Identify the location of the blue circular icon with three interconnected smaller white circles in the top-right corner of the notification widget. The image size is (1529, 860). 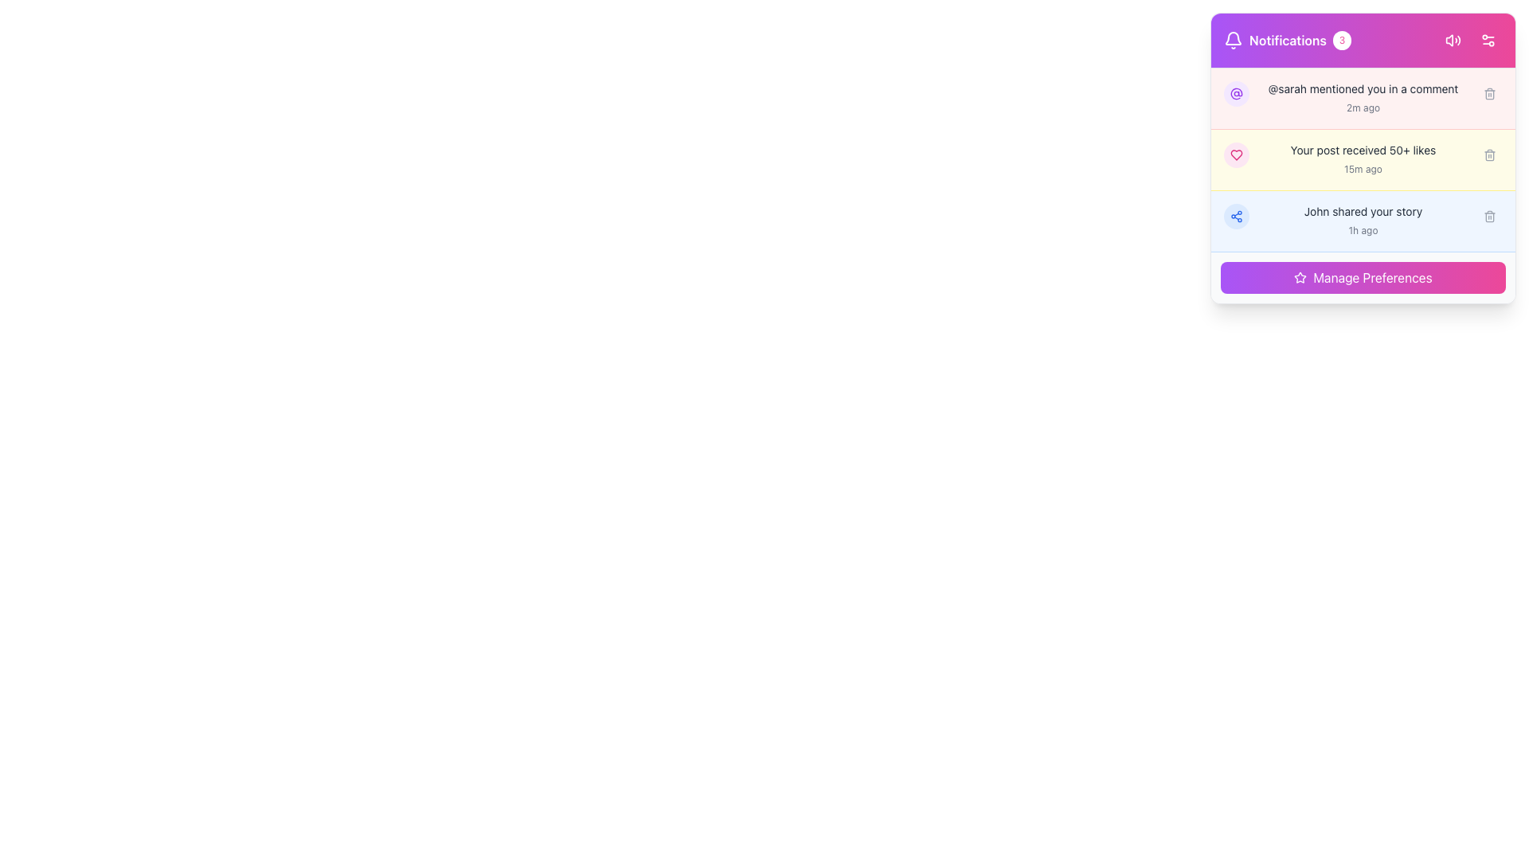
(1236, 217).